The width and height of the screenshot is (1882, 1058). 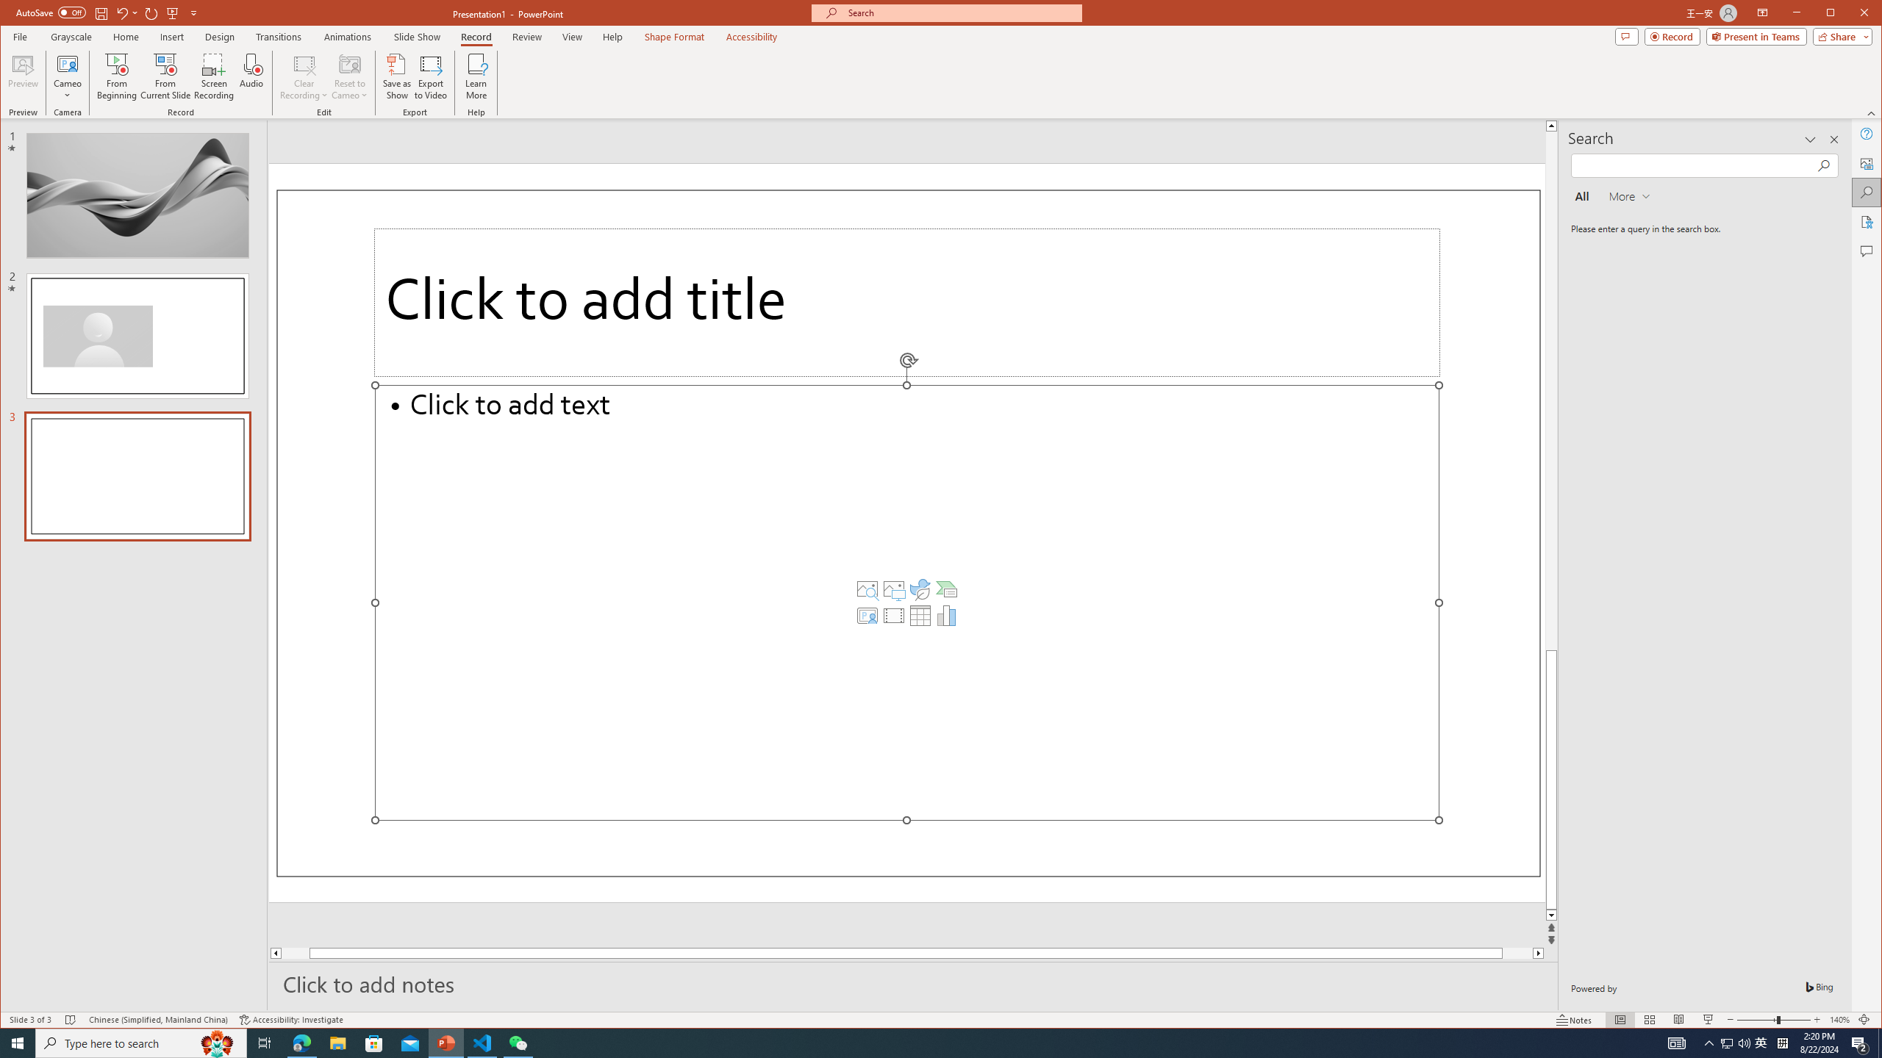 I want to click on 'Title TextBox', so click(x=906, y=301).